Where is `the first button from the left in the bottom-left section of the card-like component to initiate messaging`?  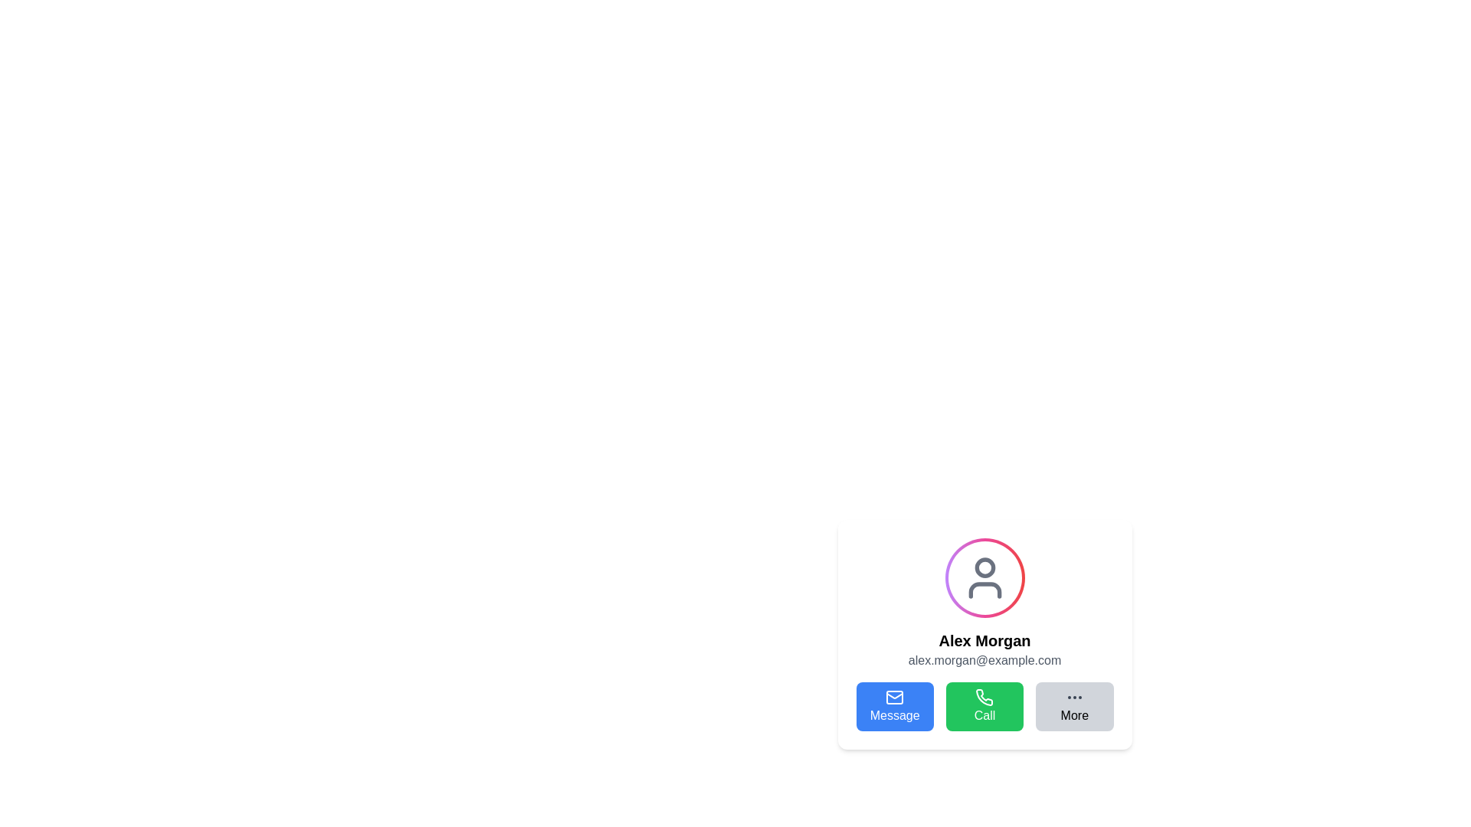 the first button from the left in the bottom-left section of the card-like component to initiate messaging is located at coordinates (894, 706).